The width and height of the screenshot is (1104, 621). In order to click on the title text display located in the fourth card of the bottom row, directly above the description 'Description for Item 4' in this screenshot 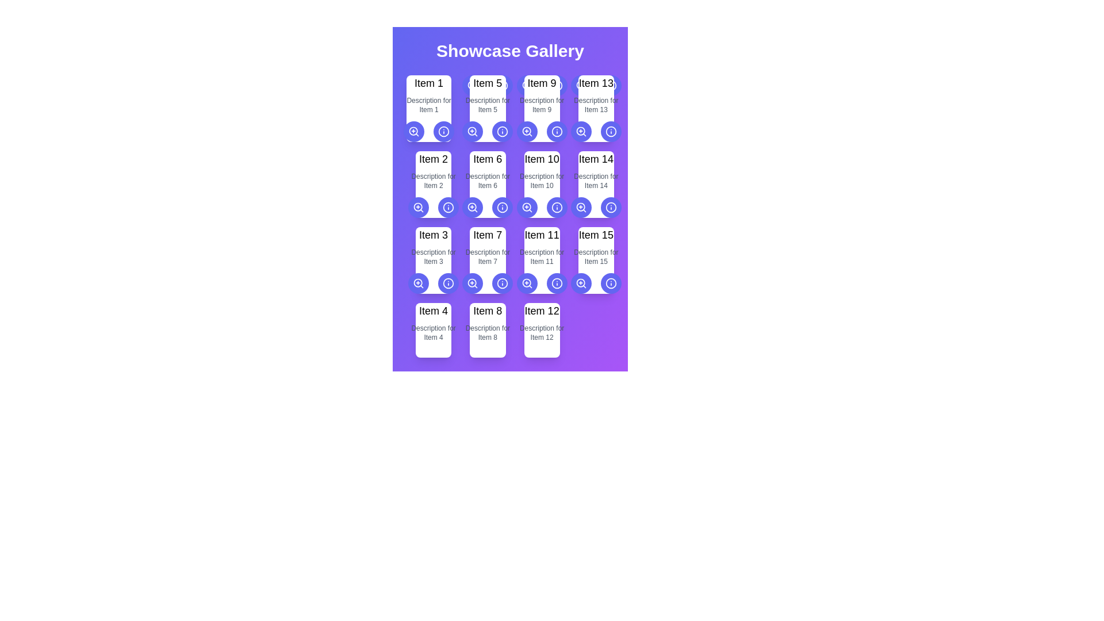, I will do `click(433, 310)`.